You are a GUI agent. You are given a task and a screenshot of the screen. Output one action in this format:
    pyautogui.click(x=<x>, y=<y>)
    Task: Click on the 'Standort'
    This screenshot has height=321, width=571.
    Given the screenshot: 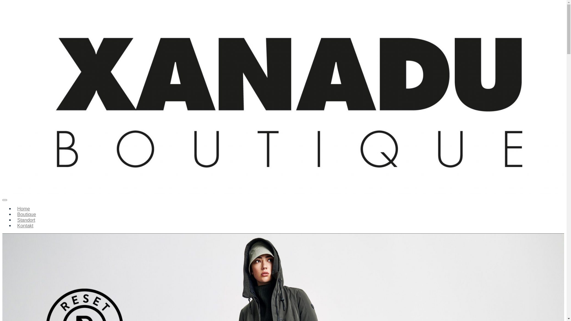 What is the action you would take?
    pyautogui.click(x=14, y=220)
    